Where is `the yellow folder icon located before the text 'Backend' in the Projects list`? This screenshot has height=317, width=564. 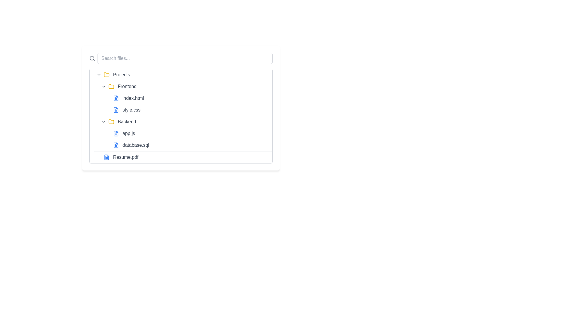 the yellow folder icon located before the text 'Backend' in the Projects list is located at coordinates (111, 121).